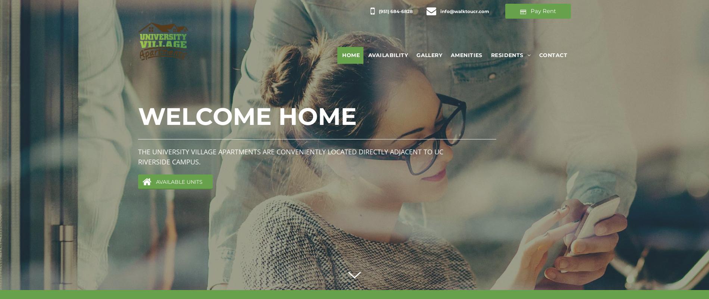  I want to click on 'AVAILABLE UNITS', so click(155, 182).